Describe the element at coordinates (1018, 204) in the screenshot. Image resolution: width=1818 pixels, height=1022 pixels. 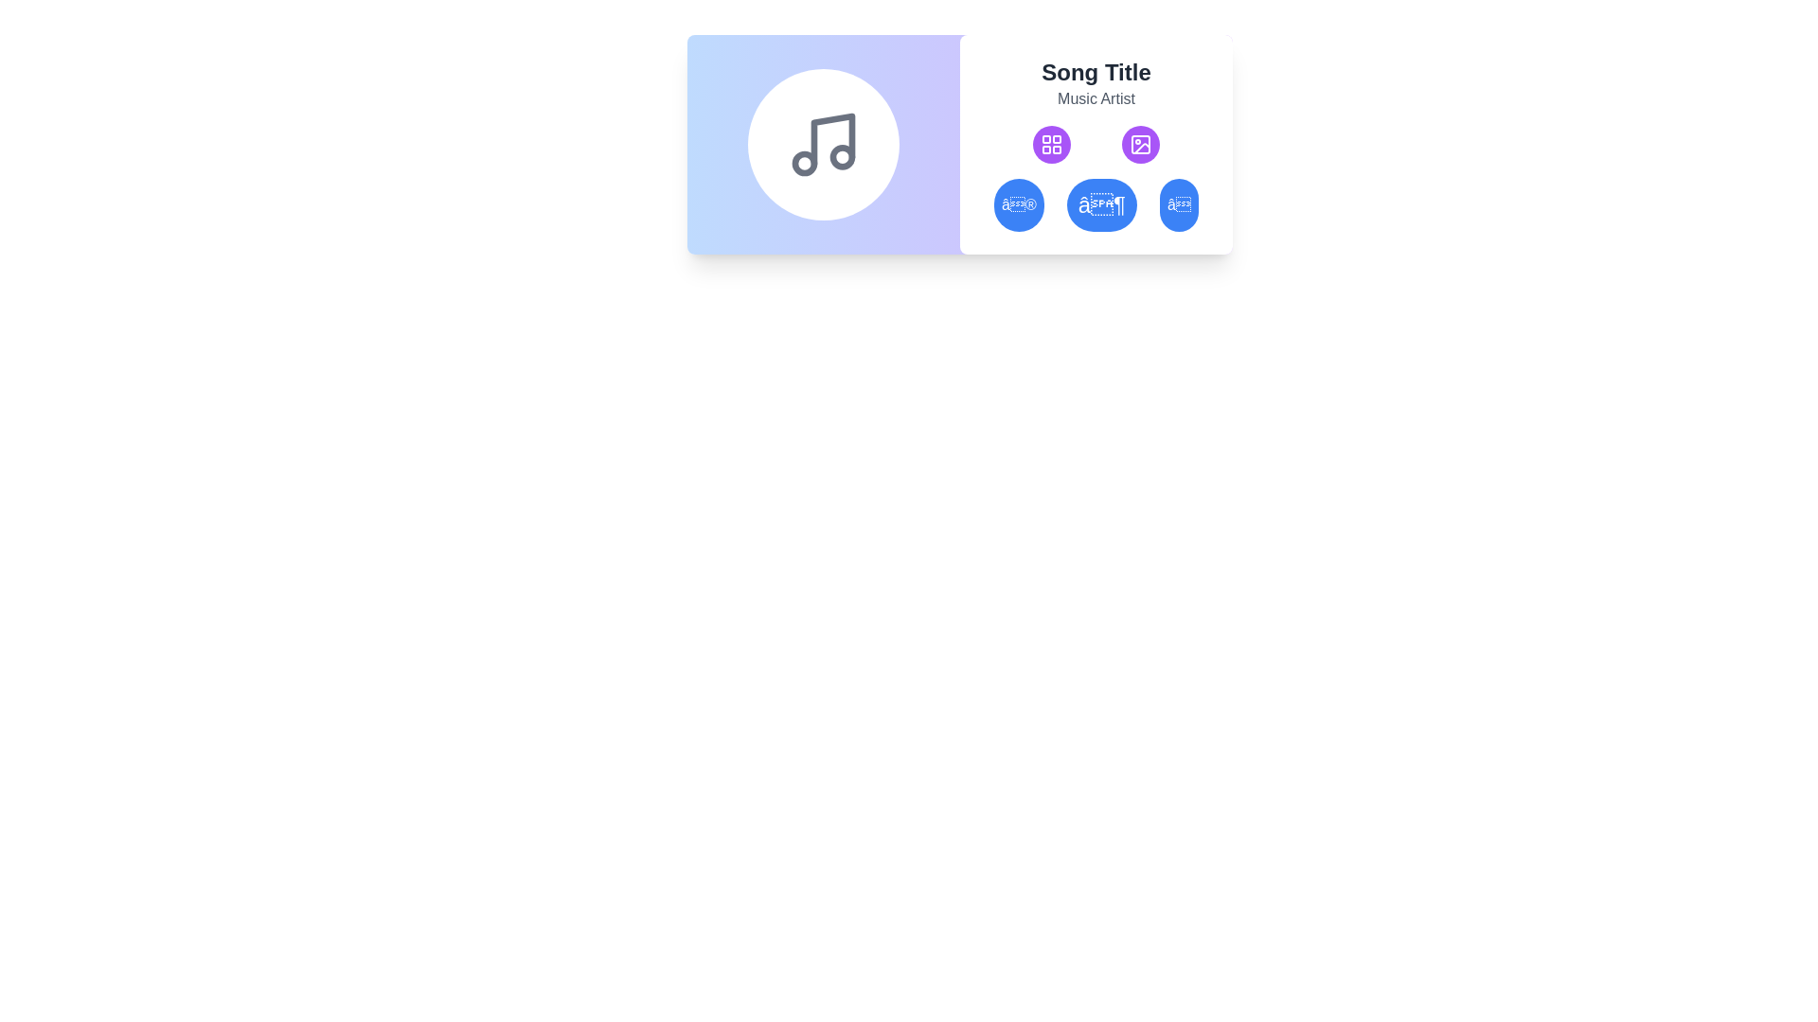
I see `the circular blue button with white text, which is the first button among three similar buttons in a horizontal layout` at that location.